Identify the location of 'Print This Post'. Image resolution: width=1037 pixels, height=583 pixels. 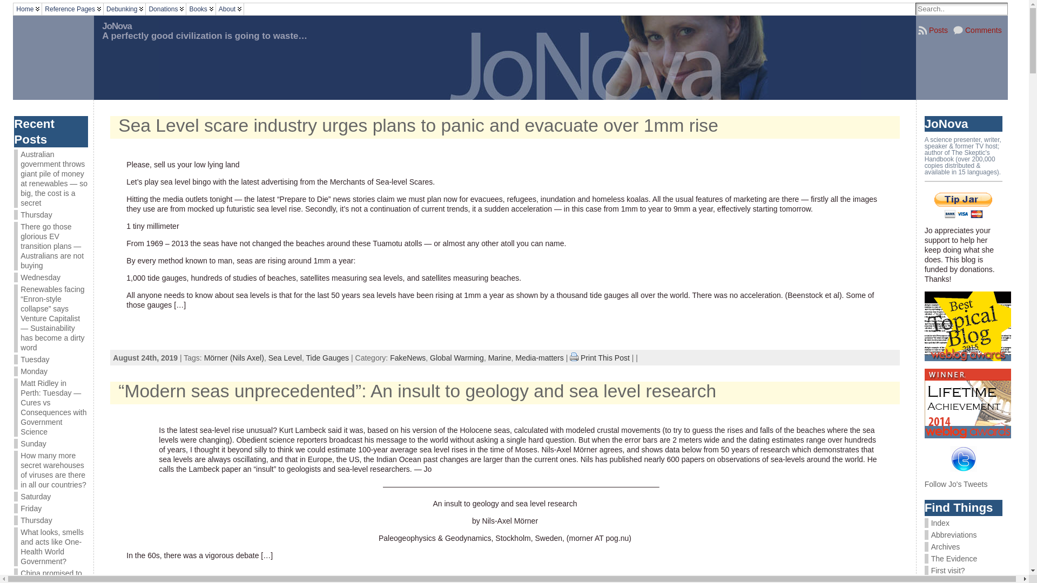
(573, 358).